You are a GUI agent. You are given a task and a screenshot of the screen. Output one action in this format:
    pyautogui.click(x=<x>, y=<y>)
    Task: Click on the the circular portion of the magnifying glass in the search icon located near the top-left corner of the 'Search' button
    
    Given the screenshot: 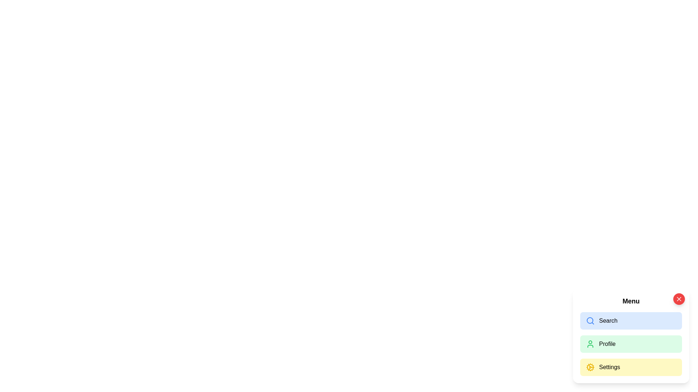 What is the action you would take?
    pyautogui.click(x=590, y=320)
    